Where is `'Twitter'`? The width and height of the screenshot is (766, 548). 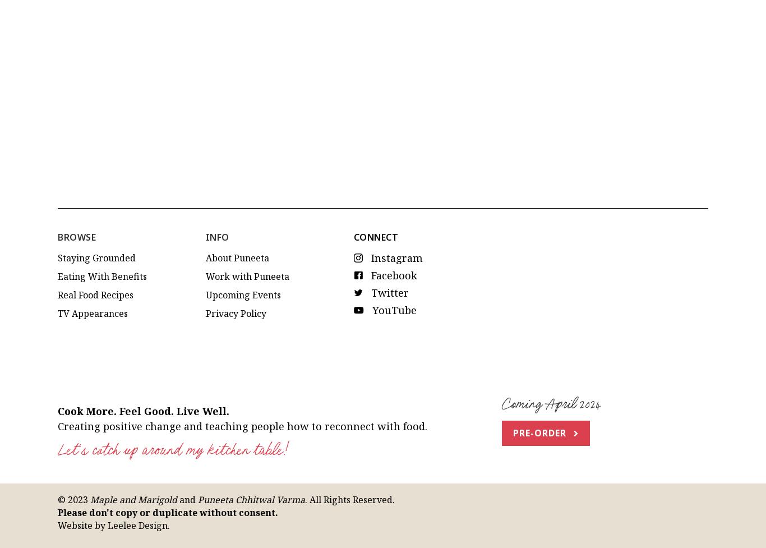
'Twitter' is located at coordinates (370, 200).